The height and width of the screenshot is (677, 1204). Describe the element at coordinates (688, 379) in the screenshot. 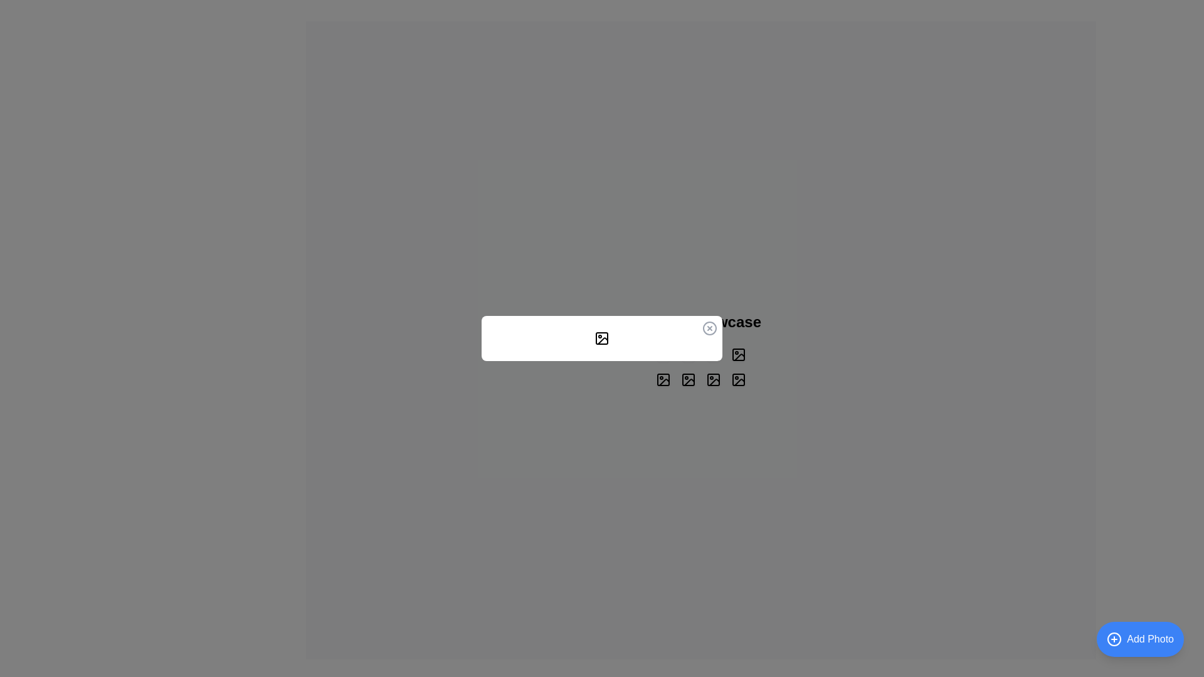

I see `the circular button with a black background and zoom-in icon for keyboard navigation` at that location.